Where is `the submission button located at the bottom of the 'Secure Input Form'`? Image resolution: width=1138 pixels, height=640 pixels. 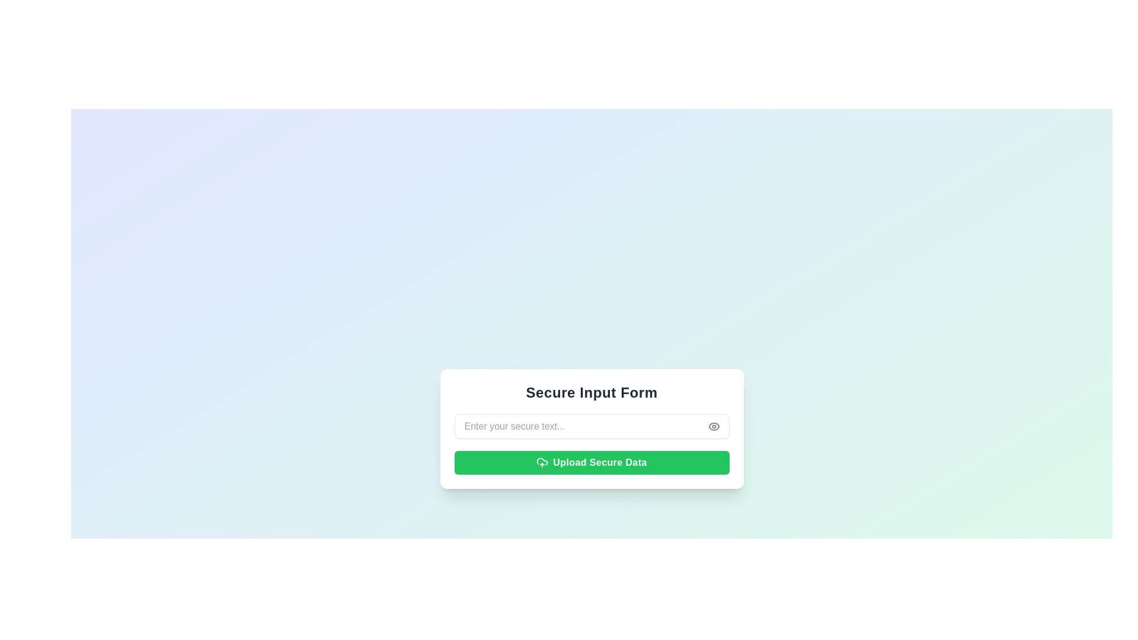 the submission button located at the bottom of the 'Secure Input Form' is located at coordinates (592, 462).